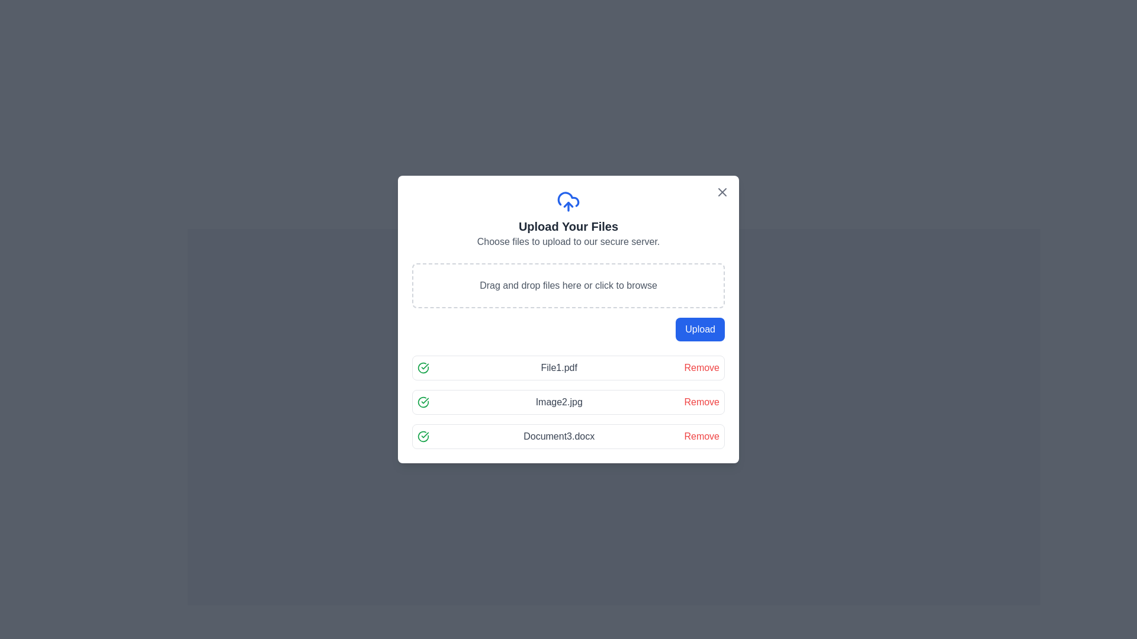  I want to click on the static text label displaying 'Drag and drop files here or click to browse', which is located inside a dashed rectangle in the file upload modal dialog, so click(568, 285).